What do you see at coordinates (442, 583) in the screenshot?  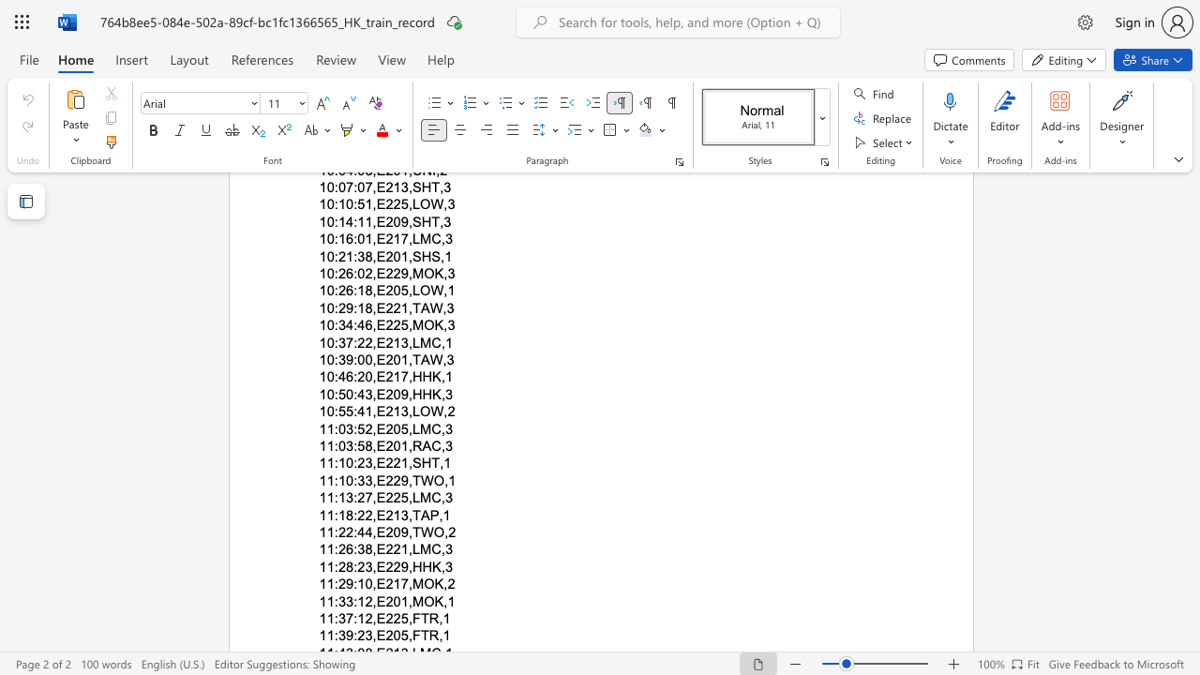 I see `the subset text ",2" within the text "11:29:10,E217,MOK,2"` at bounding box center [442, 583].